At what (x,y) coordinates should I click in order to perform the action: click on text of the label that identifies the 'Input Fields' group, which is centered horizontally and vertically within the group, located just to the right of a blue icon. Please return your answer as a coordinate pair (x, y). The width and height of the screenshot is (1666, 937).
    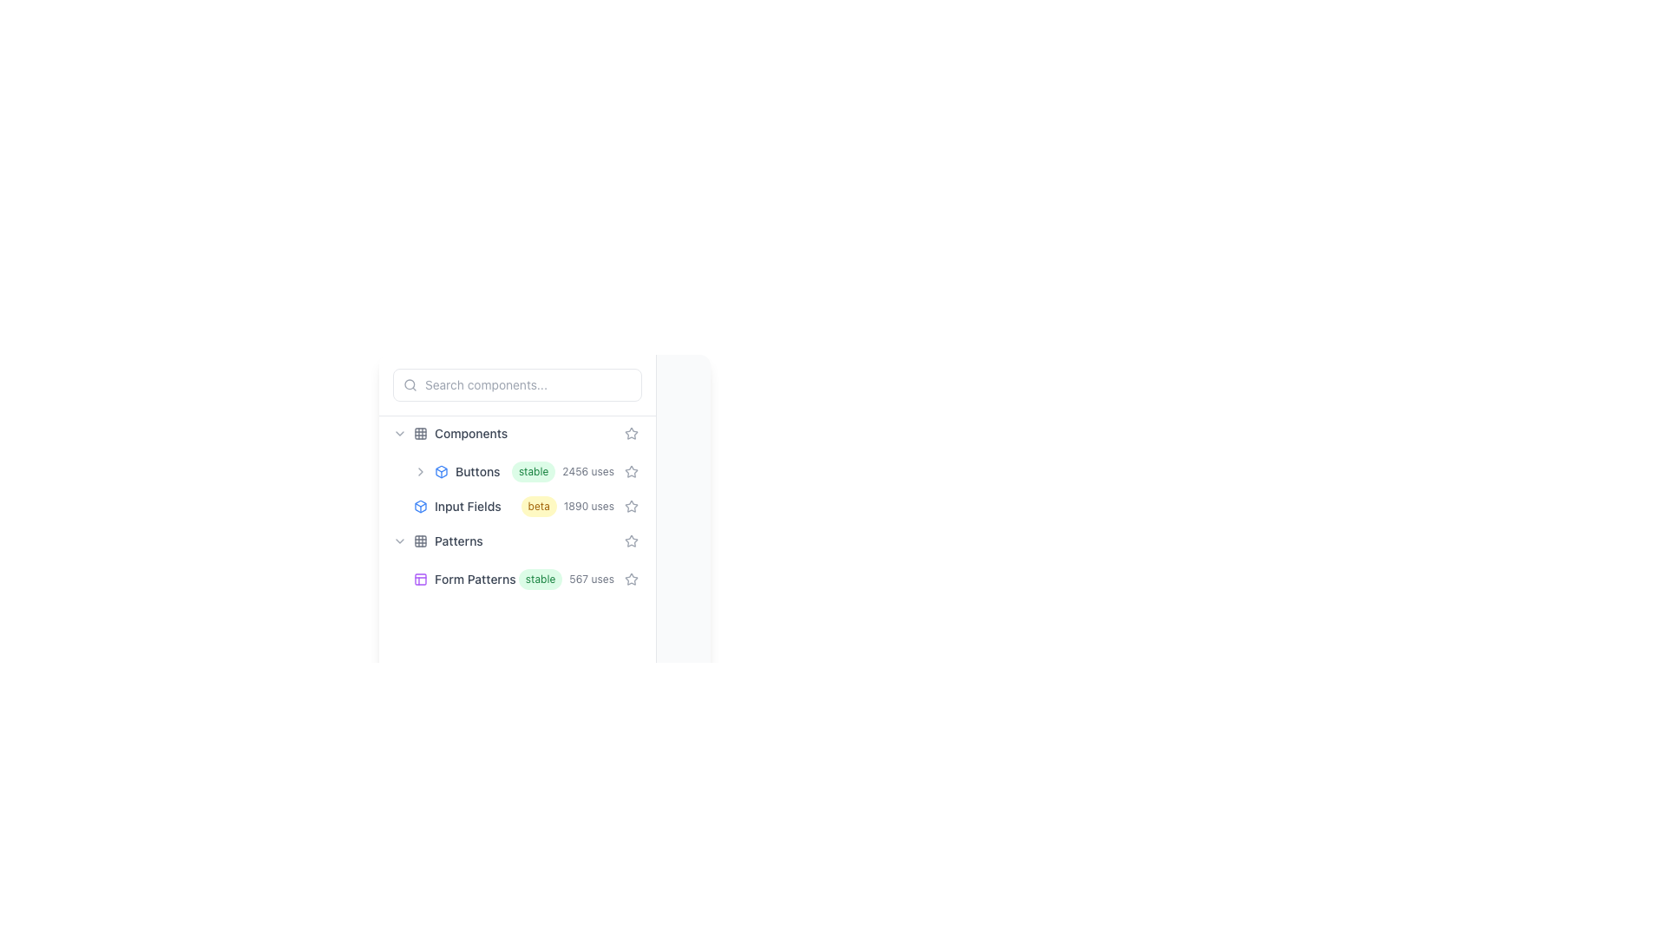
    Looking at the image, I should click on (467, 506).